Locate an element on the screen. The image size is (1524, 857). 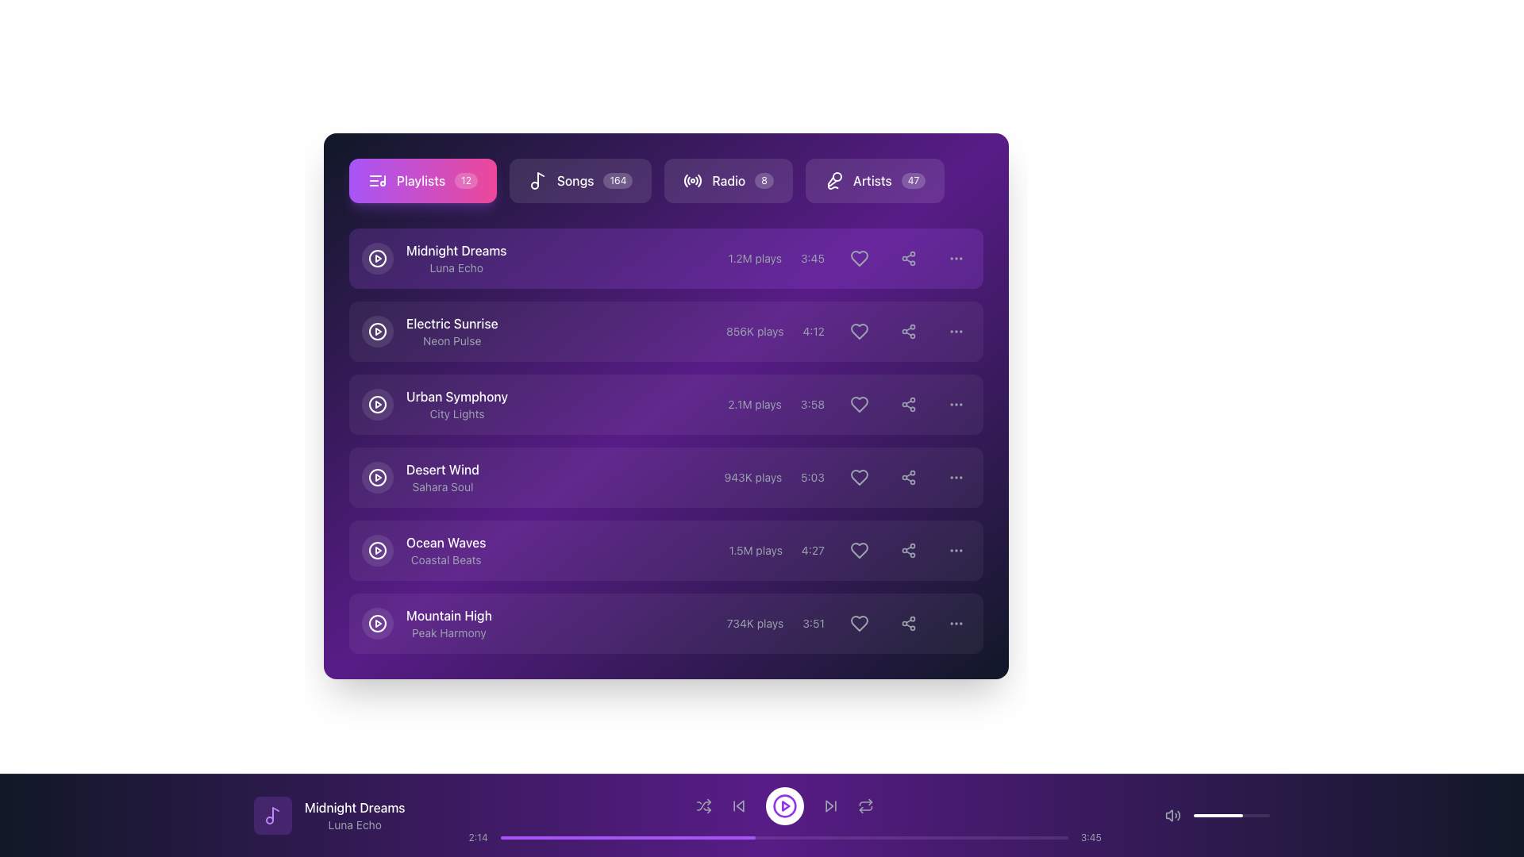
the text label displaying 'Electric Sunrise' which is prominently styled in white on a purple background, located in the second row of the playlist section is located at coordinates (451, 323).